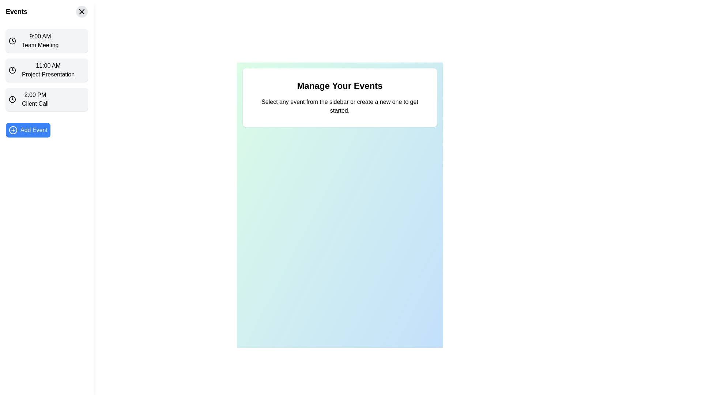 Image resolution: width=702 pixels, height=395 pixels. What do you see at coordinates (40, 37) in the screenshot?
I see `the bold black text label displaying '9:00 AM' located in the upper-left corner of the interface beside a clock icon` at bounding box center [40, 37].